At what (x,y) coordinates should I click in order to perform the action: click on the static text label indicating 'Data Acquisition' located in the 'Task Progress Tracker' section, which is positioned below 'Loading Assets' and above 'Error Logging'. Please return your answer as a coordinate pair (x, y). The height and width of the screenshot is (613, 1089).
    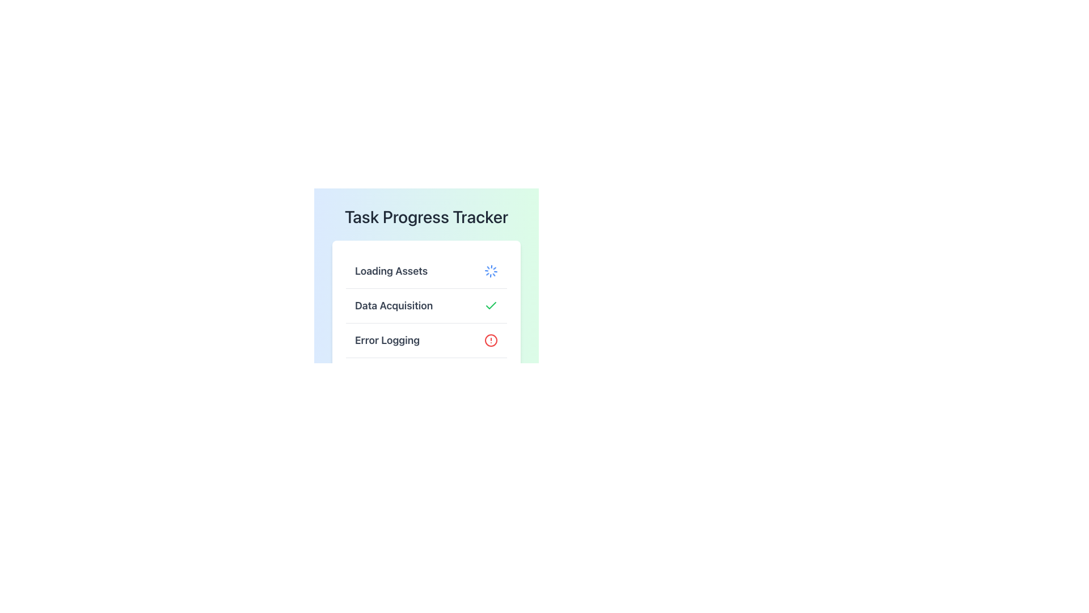
    Looking at the image, I should click on (394, 305).